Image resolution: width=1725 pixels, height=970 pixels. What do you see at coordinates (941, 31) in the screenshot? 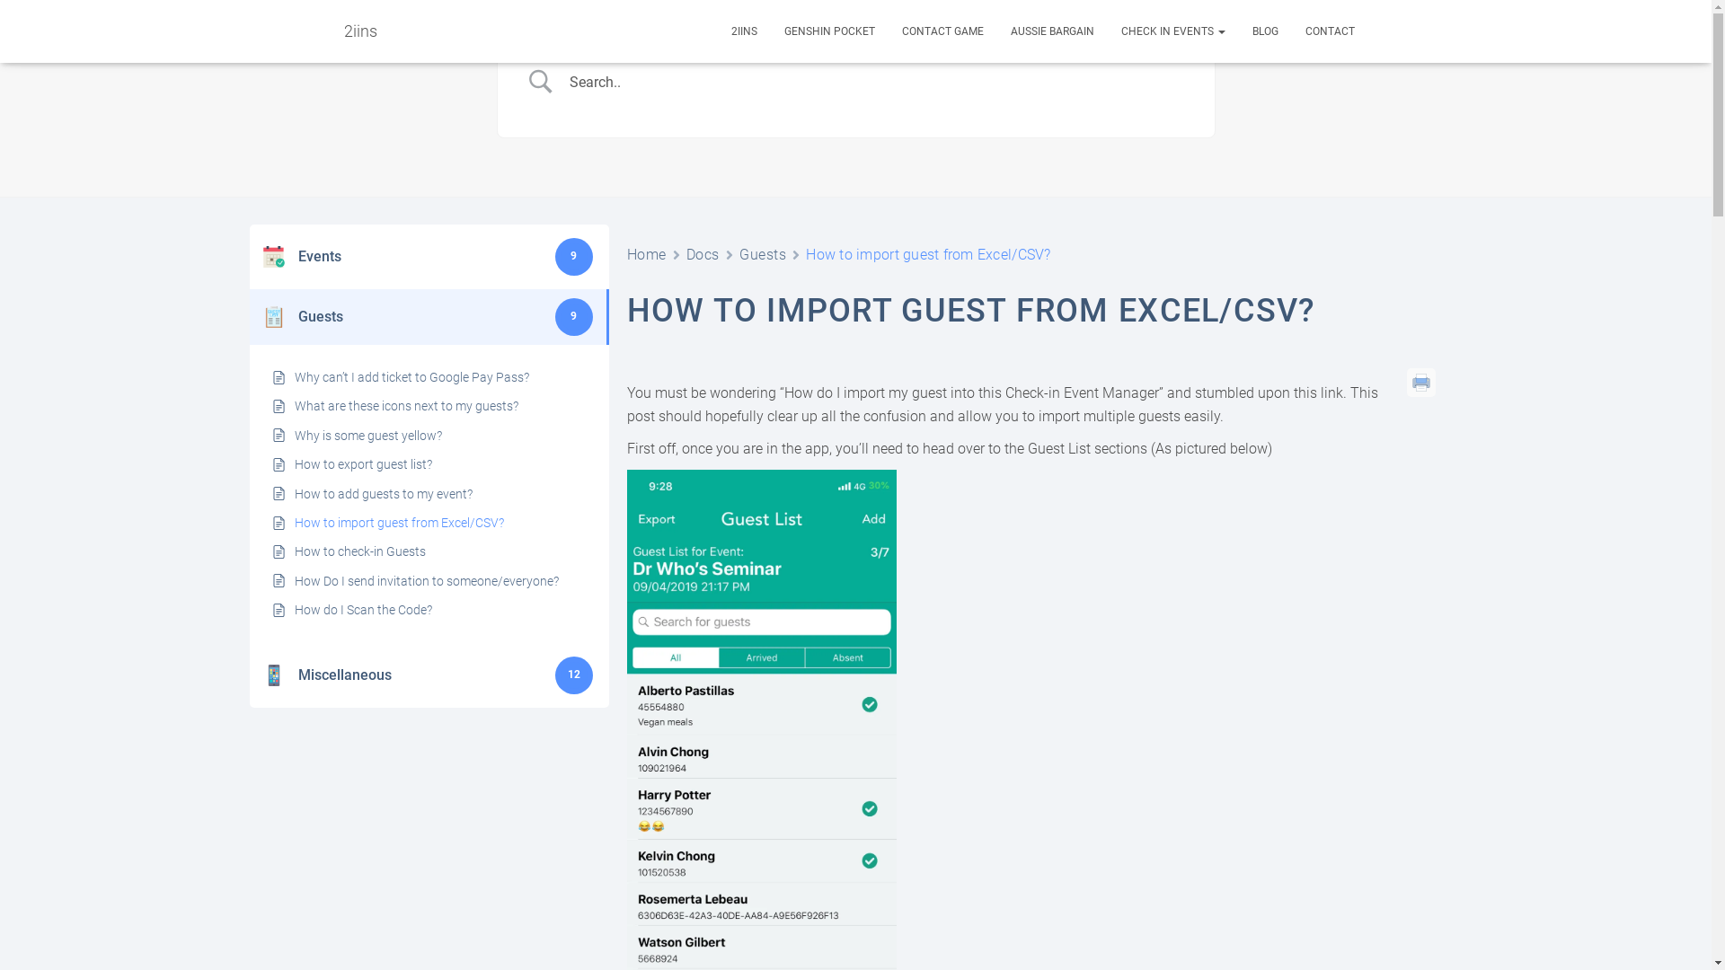
I see `'CONTACT GAME'` at bounding box center [941, 31].